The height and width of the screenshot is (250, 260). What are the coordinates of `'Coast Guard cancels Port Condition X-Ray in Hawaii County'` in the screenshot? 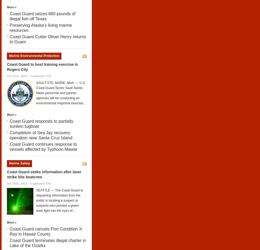 It's located at (46, 231).